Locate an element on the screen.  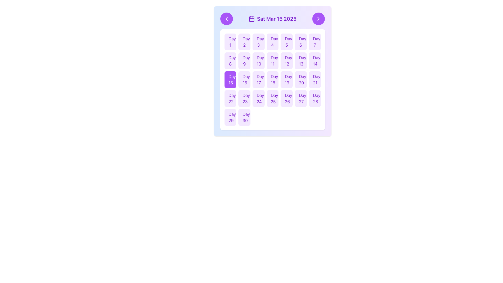
the button representing the selectable day in the calendar interface located in the third row and fourth column, directly below 'Day 11' and above 'Day 25' is located at coordinates (272, 80).